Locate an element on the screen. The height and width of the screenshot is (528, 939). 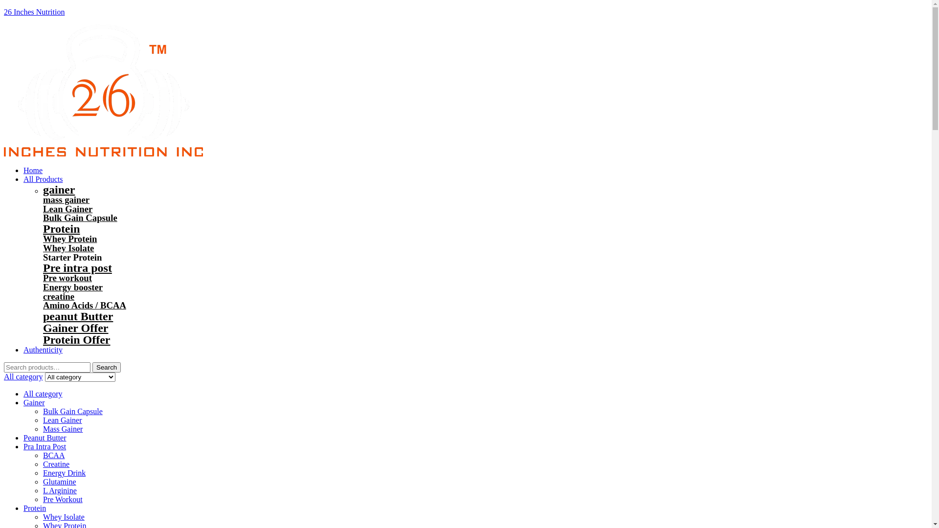
'L Arginine' is located at coordinates (59, 490).